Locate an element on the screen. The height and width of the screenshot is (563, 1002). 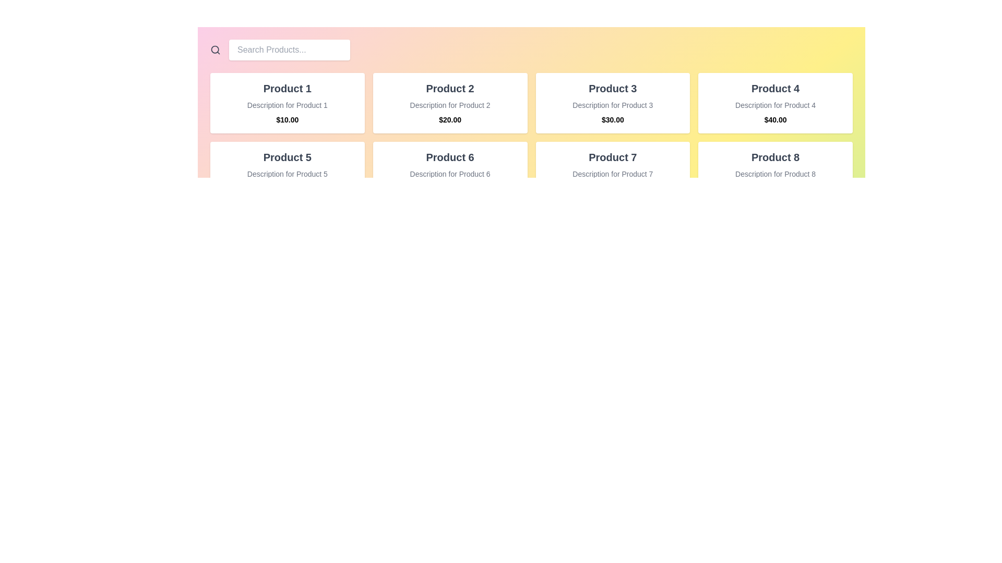
the informational text label providing a description of 'Product 8', positioned between the title and price in the bottom-right product card is located at coordinates (776, 174).